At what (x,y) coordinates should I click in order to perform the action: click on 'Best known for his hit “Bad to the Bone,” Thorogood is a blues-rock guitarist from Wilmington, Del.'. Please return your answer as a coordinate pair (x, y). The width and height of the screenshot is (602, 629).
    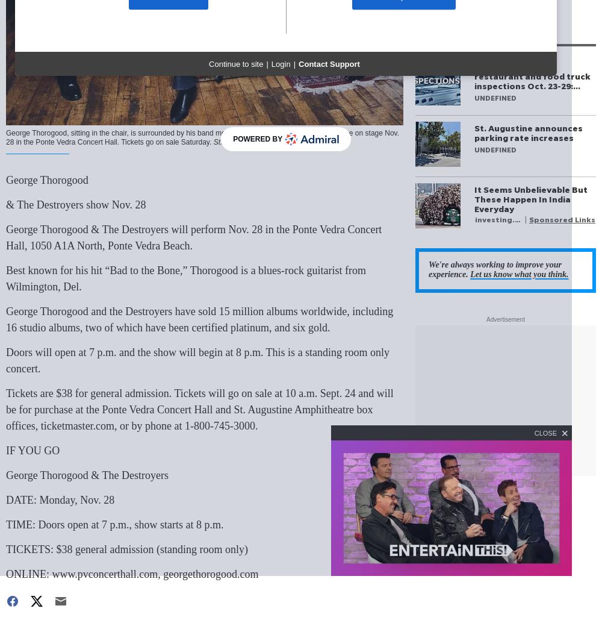
    Looking at the image, I should click on (186, 278).